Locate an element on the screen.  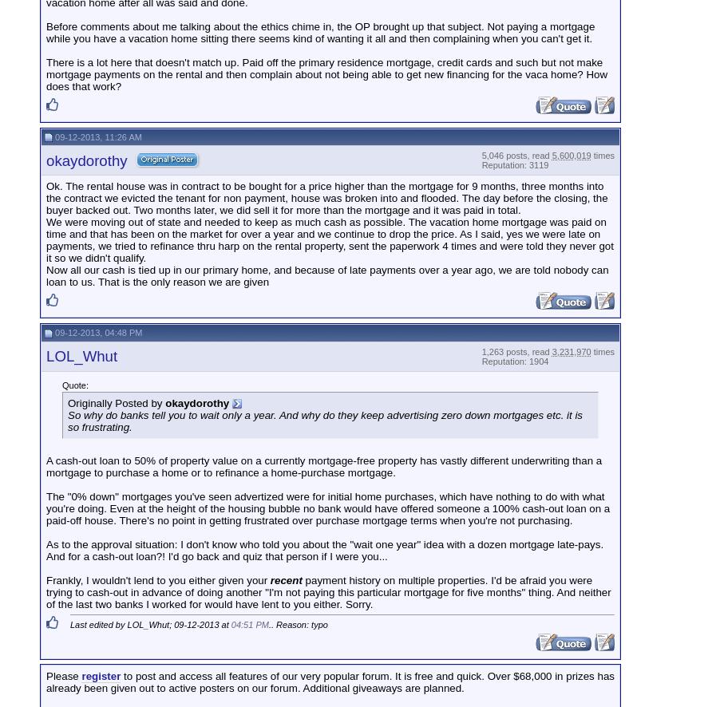
'5,600,019' is located at coordinates (571, 156).